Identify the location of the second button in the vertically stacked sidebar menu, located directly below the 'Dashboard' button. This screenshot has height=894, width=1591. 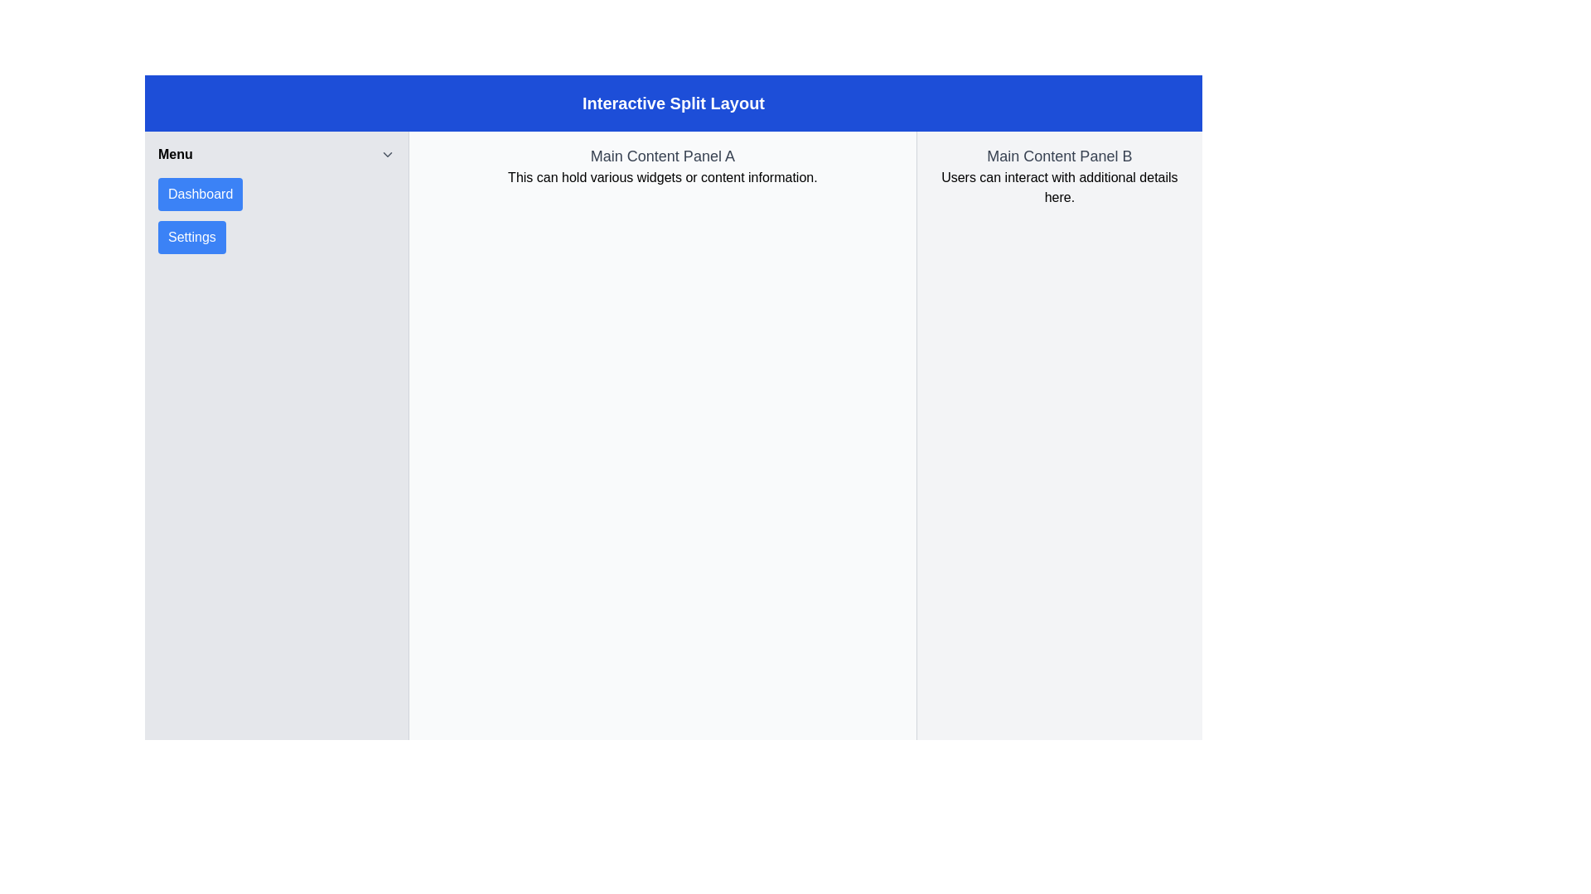
(191, 237).